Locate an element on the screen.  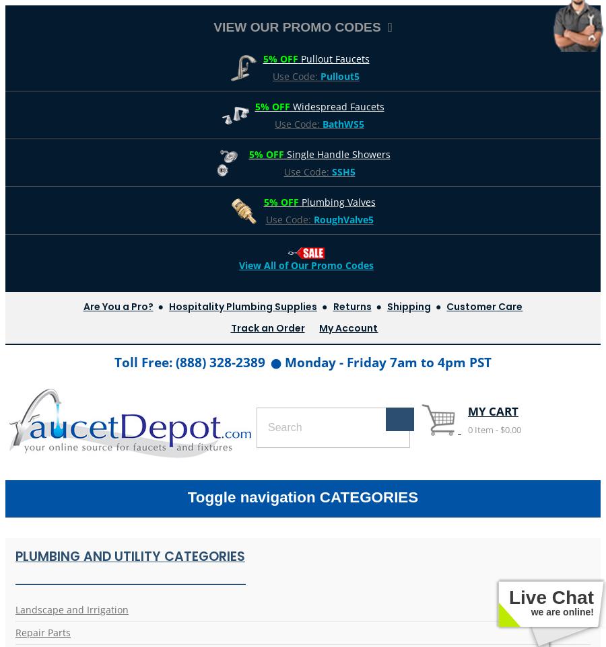
'Single Handle Showers' is located at coordinates (283, 153).